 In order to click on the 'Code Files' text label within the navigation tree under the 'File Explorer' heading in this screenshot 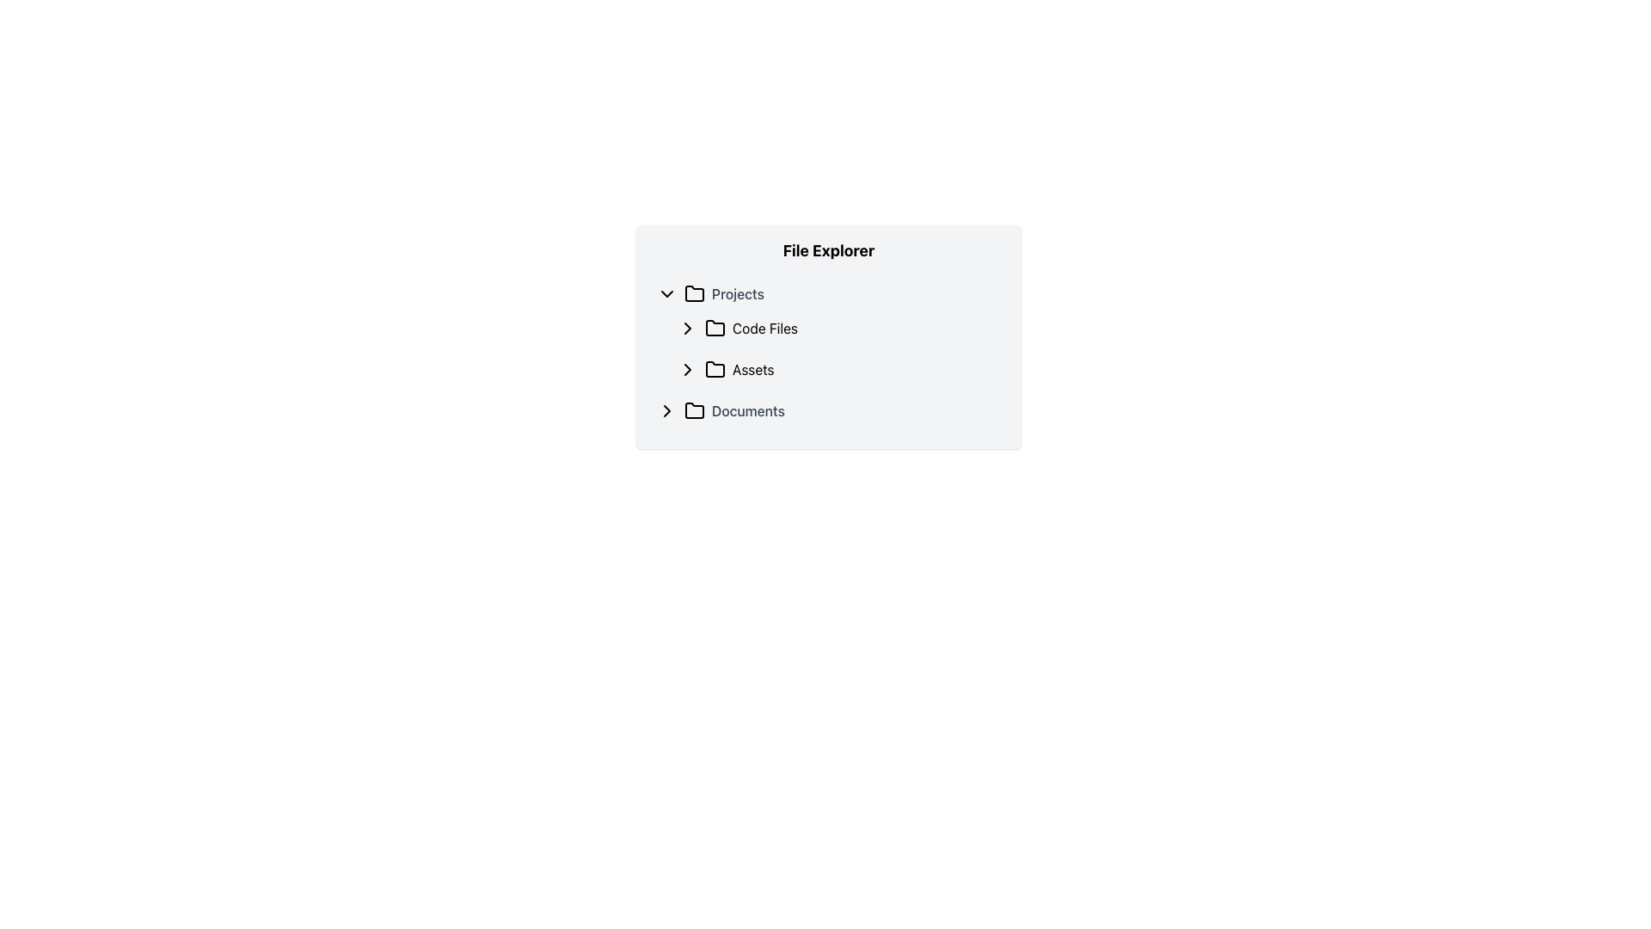, I will do `click(764, 328)`.